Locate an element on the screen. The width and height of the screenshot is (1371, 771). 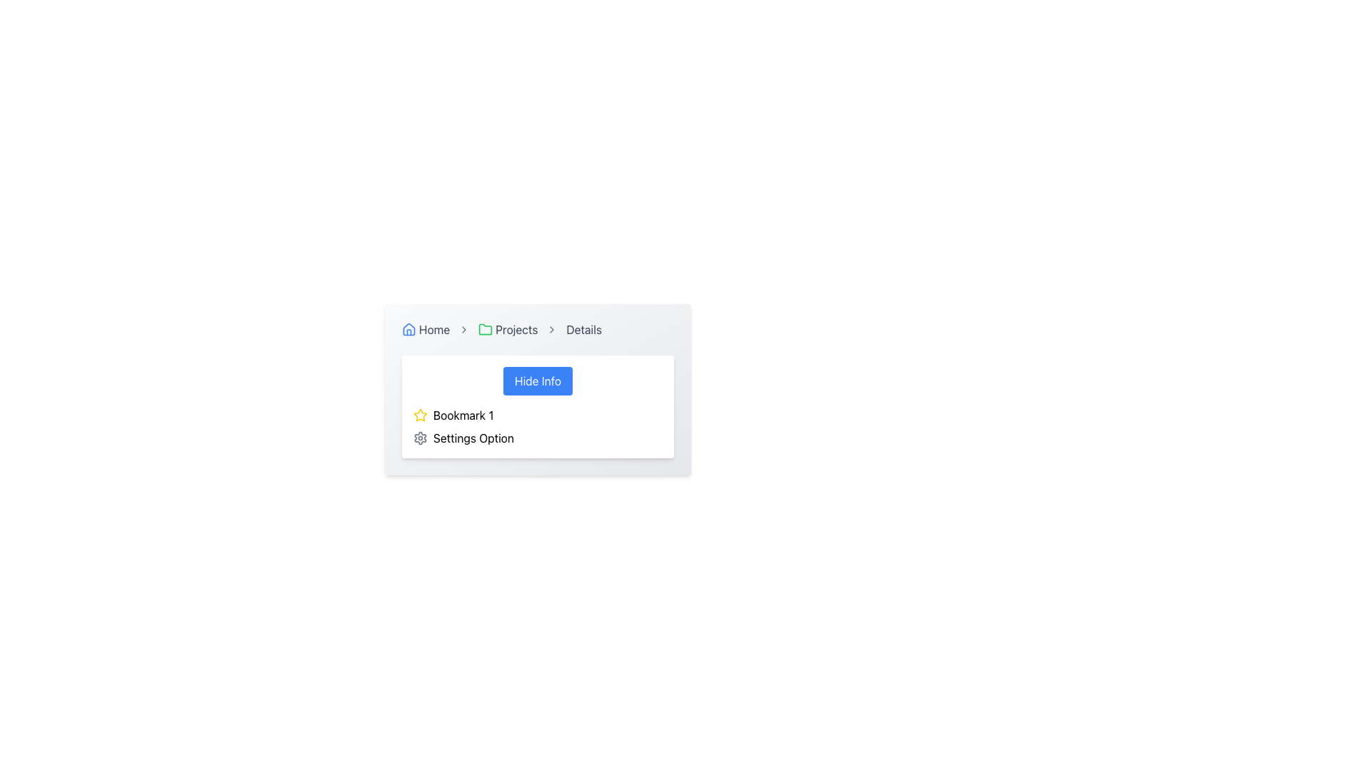
the 'Home' icon located in the navigation breadcrumb area at the top left is located at coordinates (408, 329).